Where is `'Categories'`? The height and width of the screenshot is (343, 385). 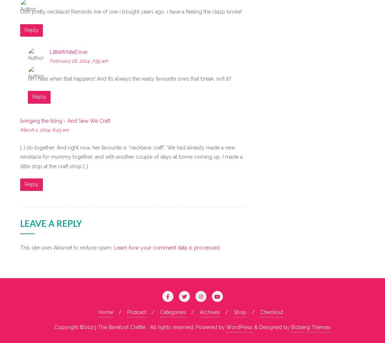 'Categories' is located at coordinates (173, 312).